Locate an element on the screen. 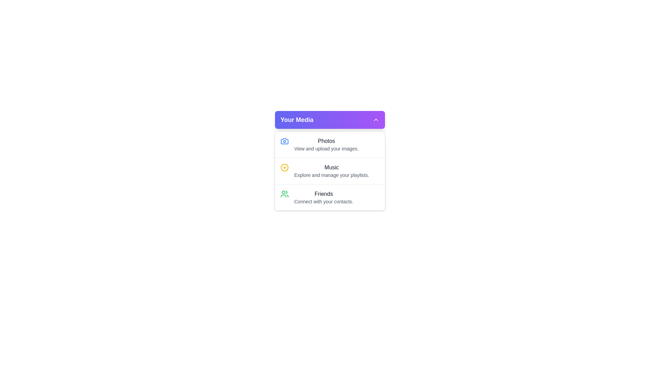  the green SVG icon representing a group of people, which is part of the 'Friends' menu item located to the left of the text 'Friends Connect with your contacts.' is located at coordinates (285, 194).